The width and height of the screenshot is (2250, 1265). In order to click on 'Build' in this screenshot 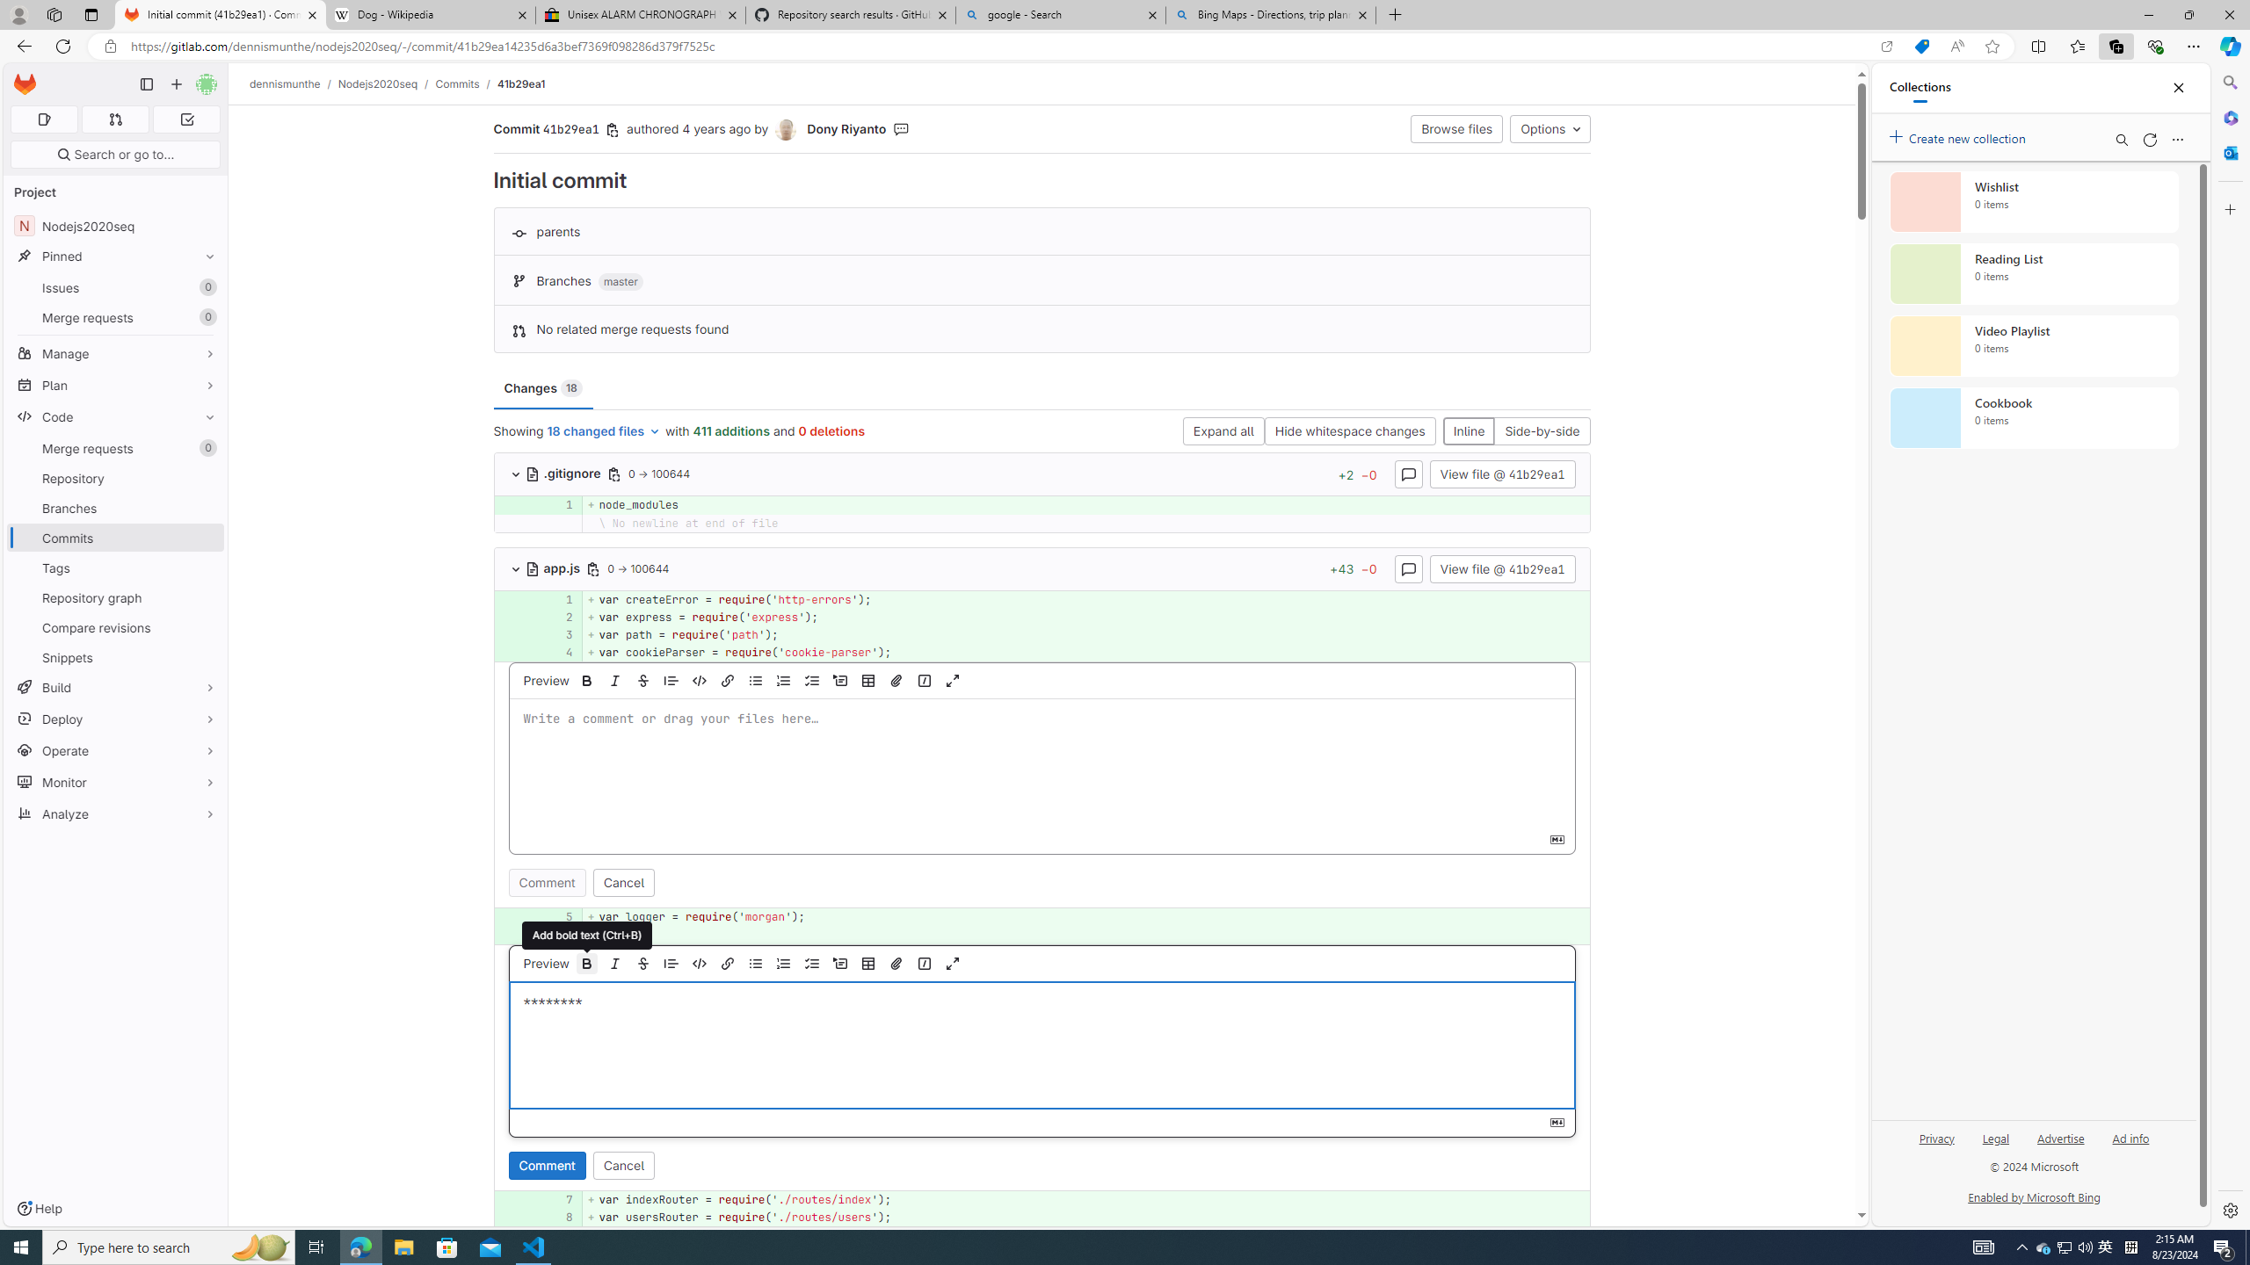, I will do `click(114, 686)`.